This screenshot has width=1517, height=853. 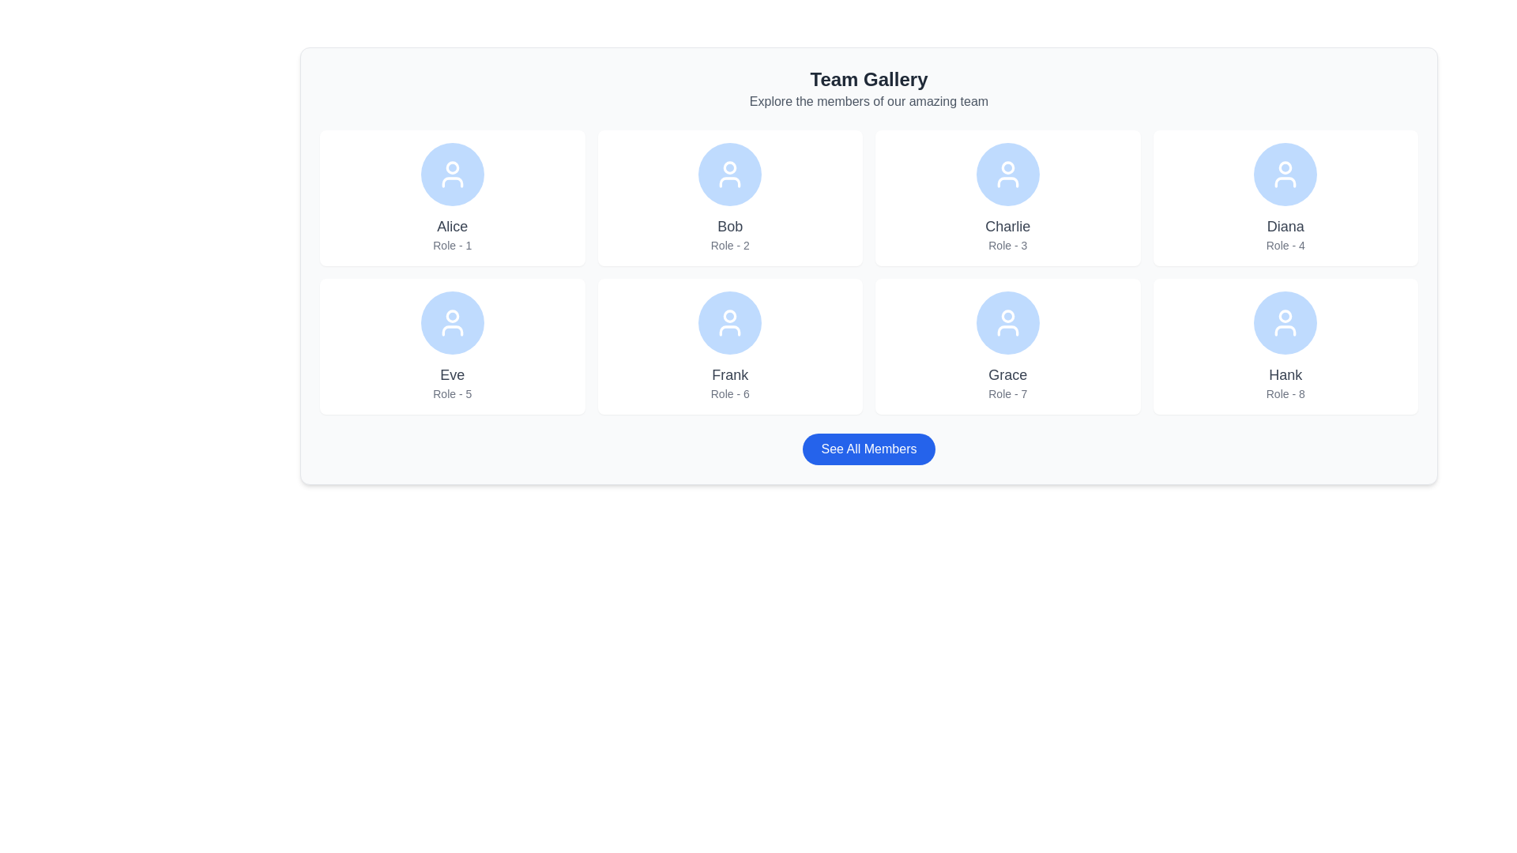 What do you see at coordinates (1007, 167) in the screenshot?
I see `the upper circular graphical element representing the user profile of 'Charlie - Role 3' in the user icon grid` at bounding box center [1007, 167].